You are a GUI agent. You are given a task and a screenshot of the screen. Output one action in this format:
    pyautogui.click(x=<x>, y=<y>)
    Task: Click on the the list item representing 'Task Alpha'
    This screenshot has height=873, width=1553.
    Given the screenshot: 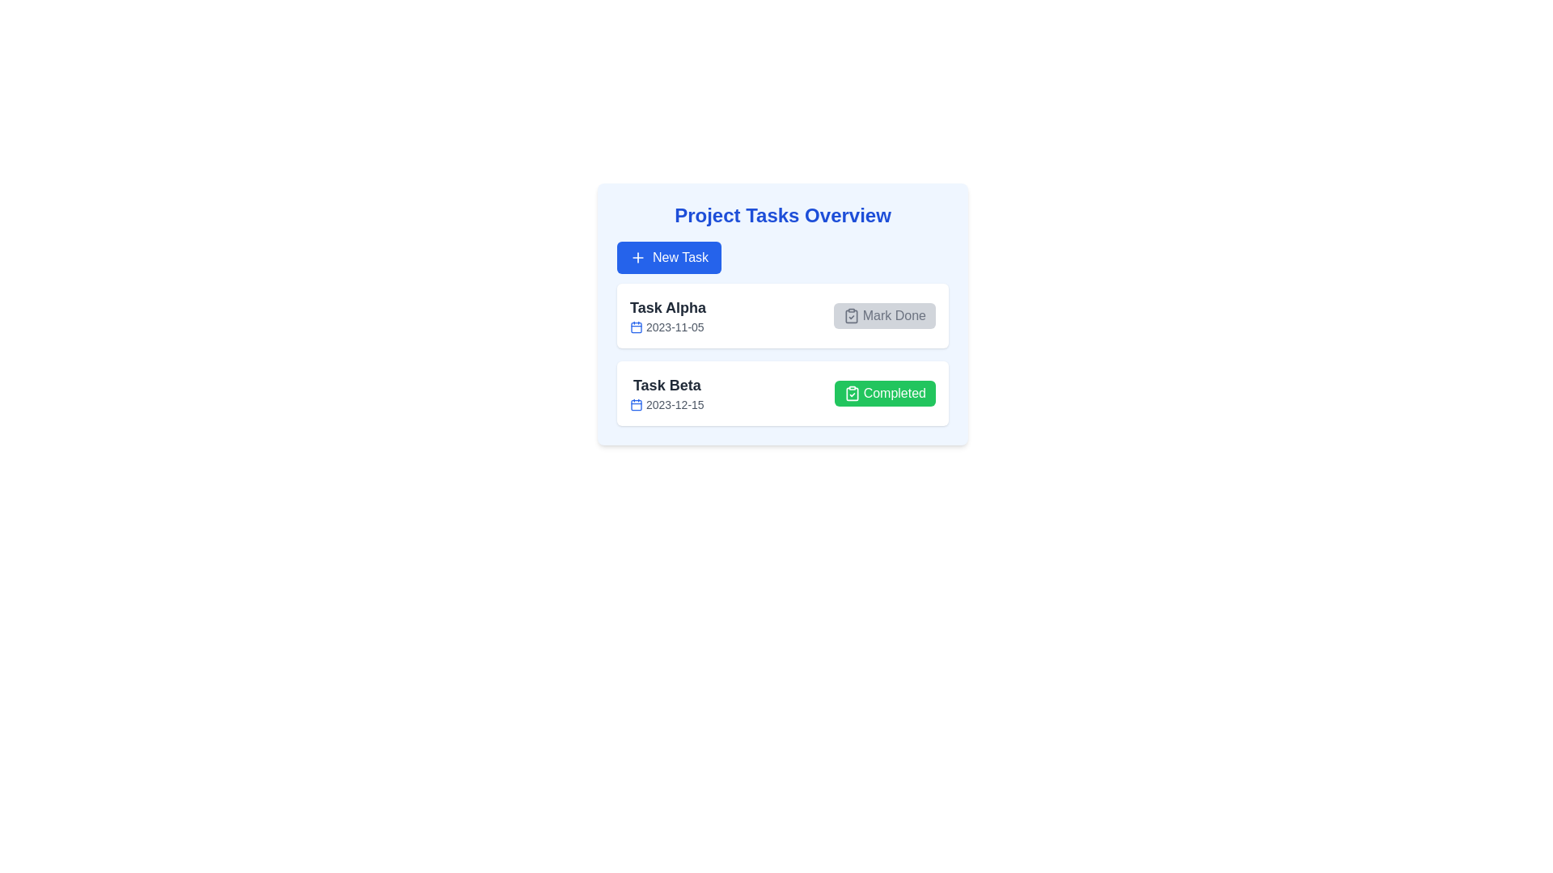 What is the action you would take?
    pyautogui.click(x=667, y=315)
    